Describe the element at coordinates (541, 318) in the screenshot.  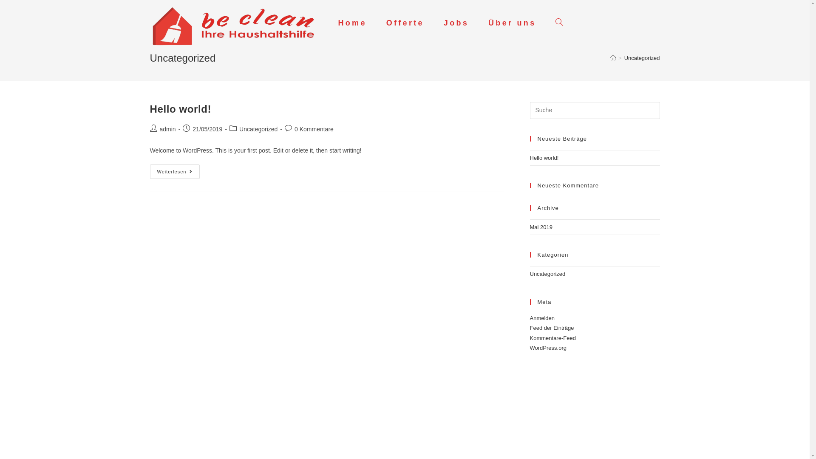
I see `'Anmelden'` at that location.